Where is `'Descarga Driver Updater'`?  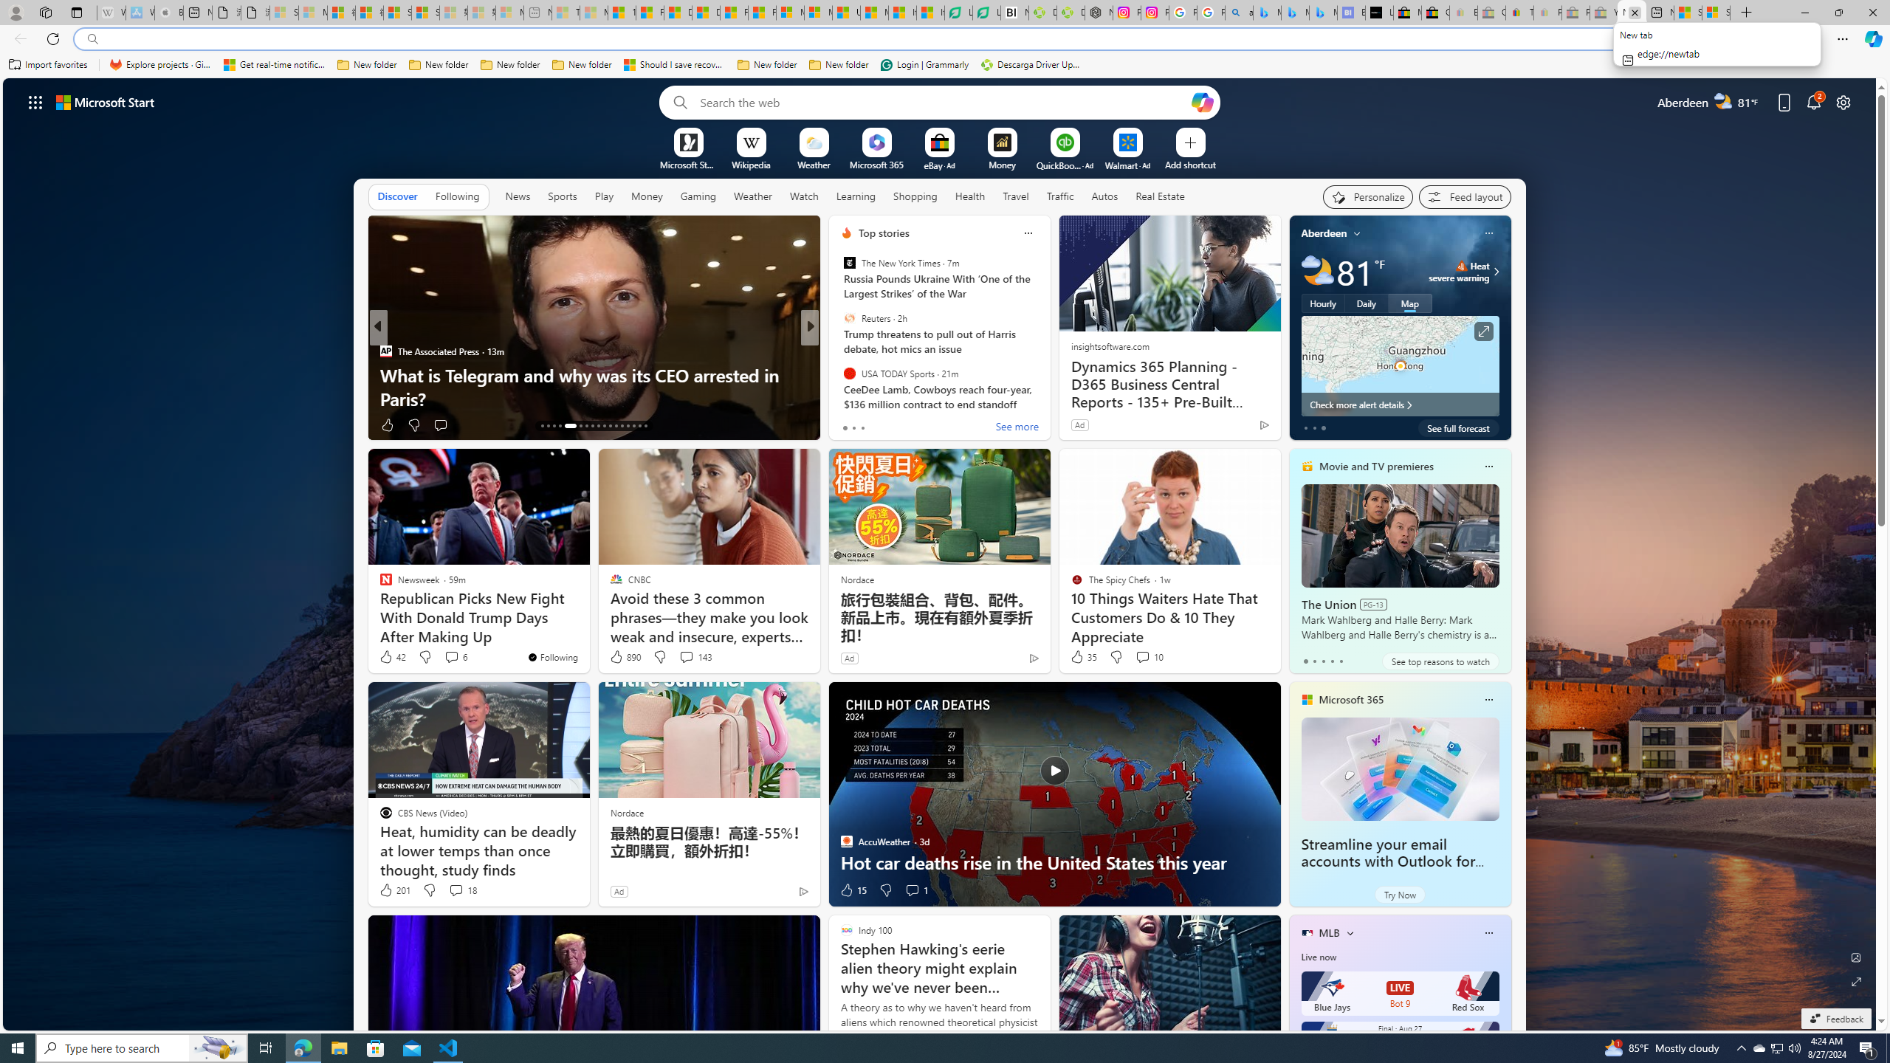
'Descarga Driver Updater' is located at coordinates (1031, 64).